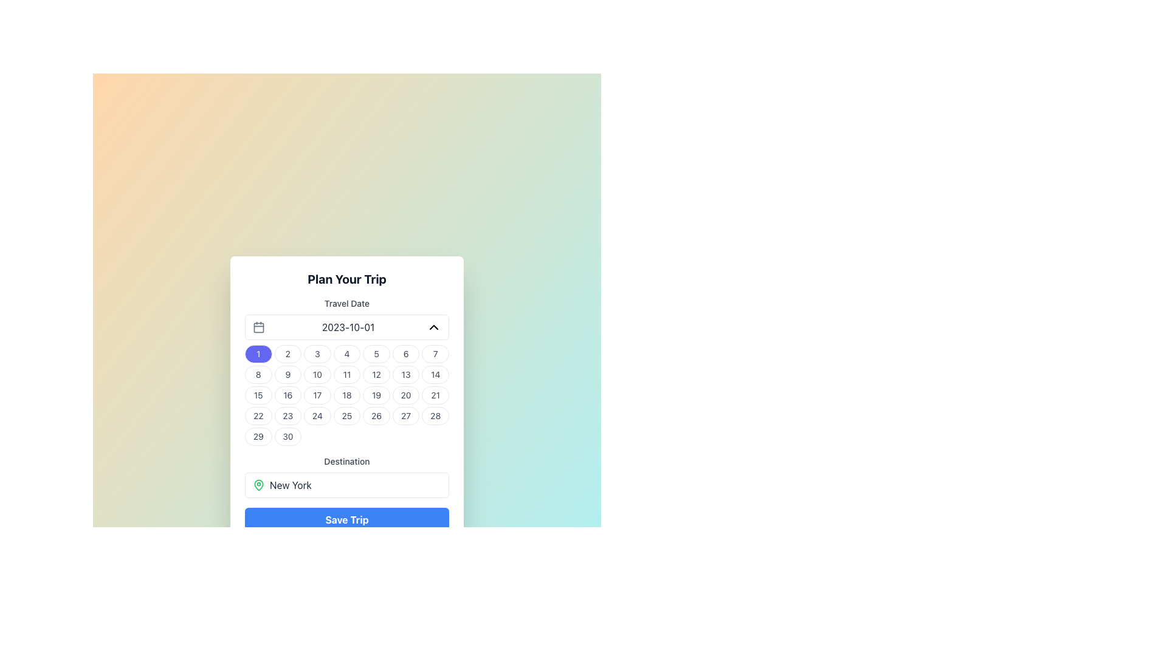 The width and height of the screenshot is (1167, 656). I want to click on the circular button displaying the number '9', so click(287, 374).